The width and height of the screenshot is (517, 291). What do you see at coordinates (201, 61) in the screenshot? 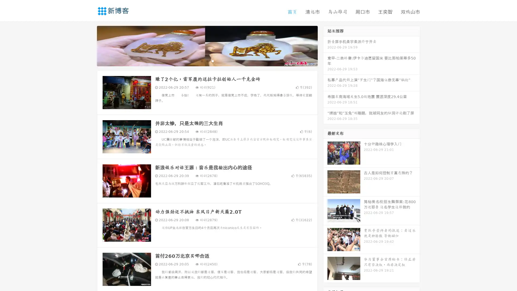
I see `Go to slide 1` at bounding box center [201, 61].